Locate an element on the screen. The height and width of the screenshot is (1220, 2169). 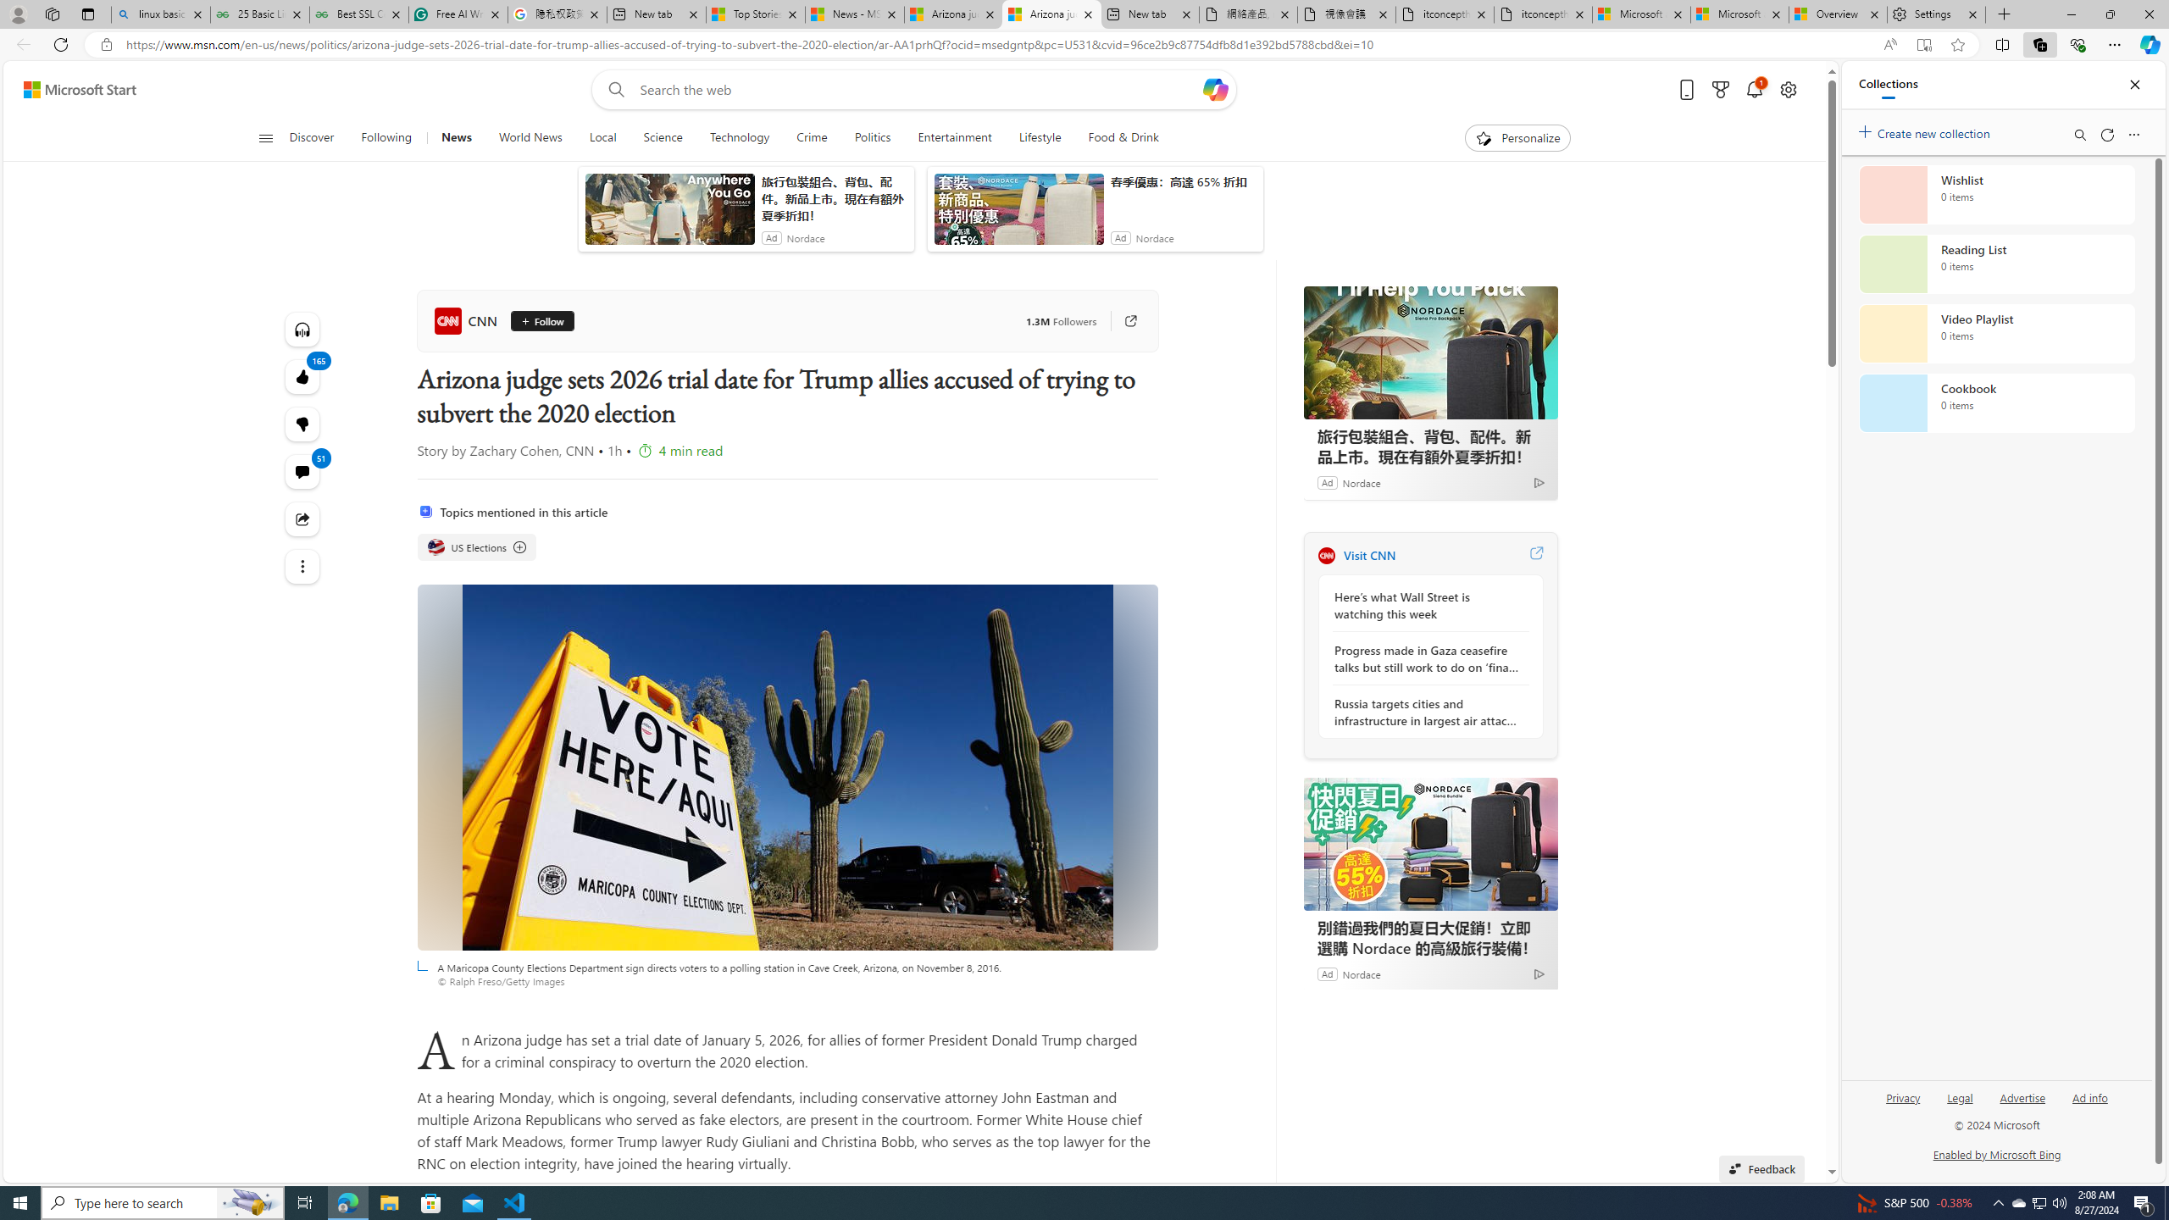
'CNN' is located at coordinates (1326, 554).